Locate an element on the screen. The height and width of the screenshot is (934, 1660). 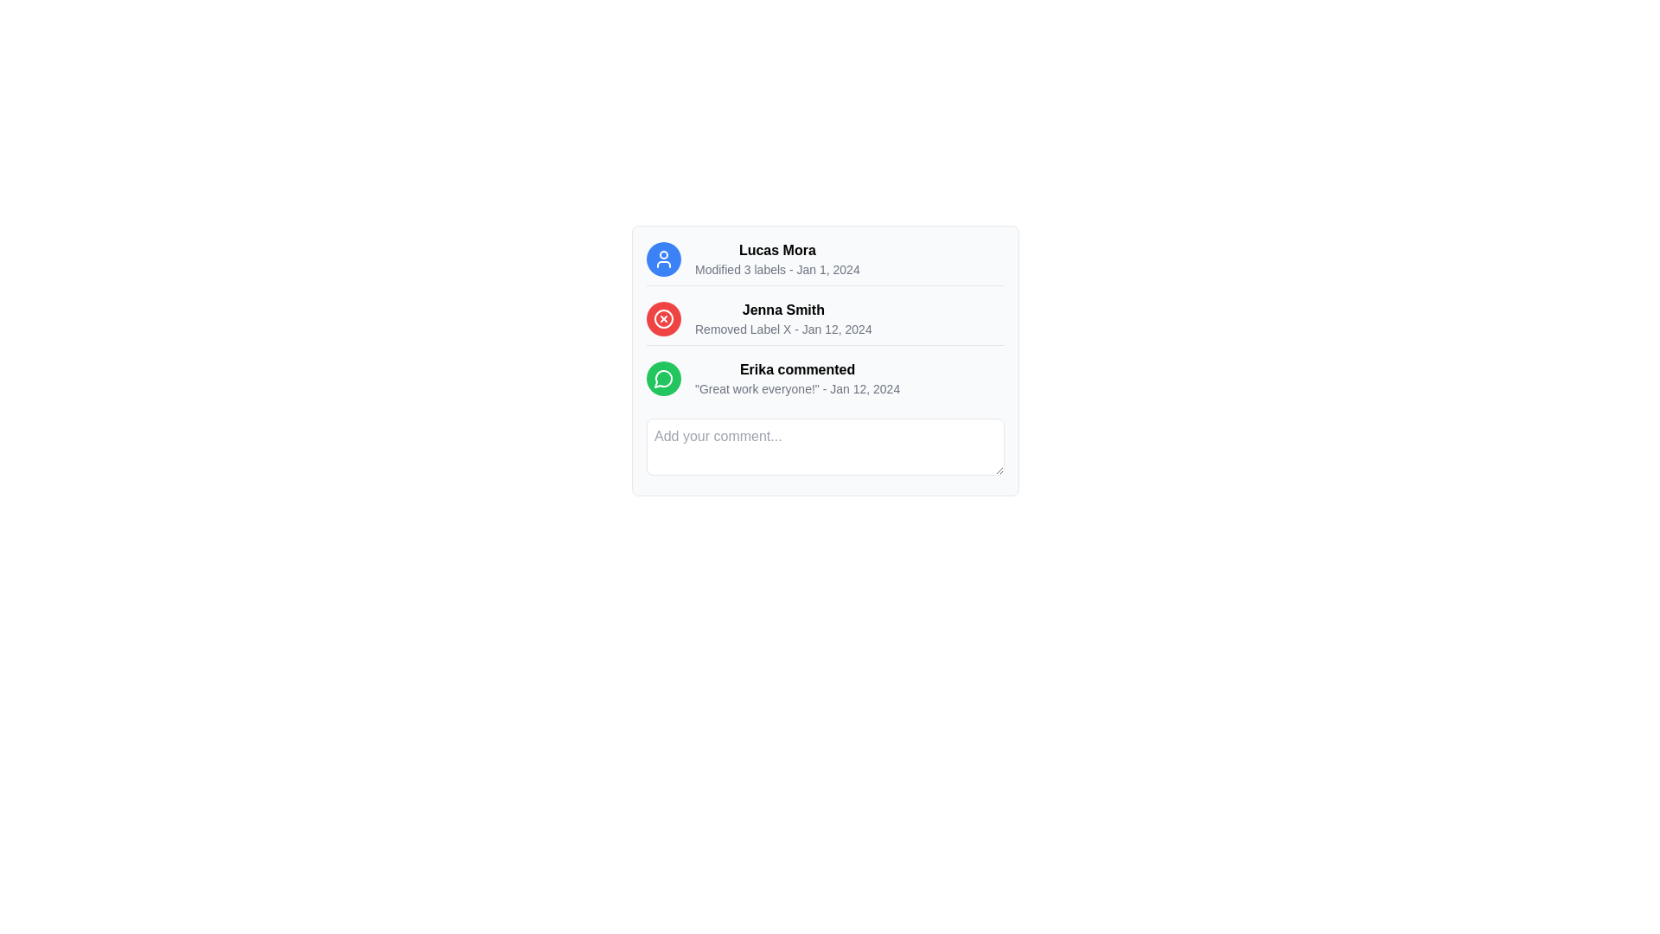
the speech bubble icon representing a comment or communication located to the left of the text 'Erika commented' is located at coordinates (662, 378).